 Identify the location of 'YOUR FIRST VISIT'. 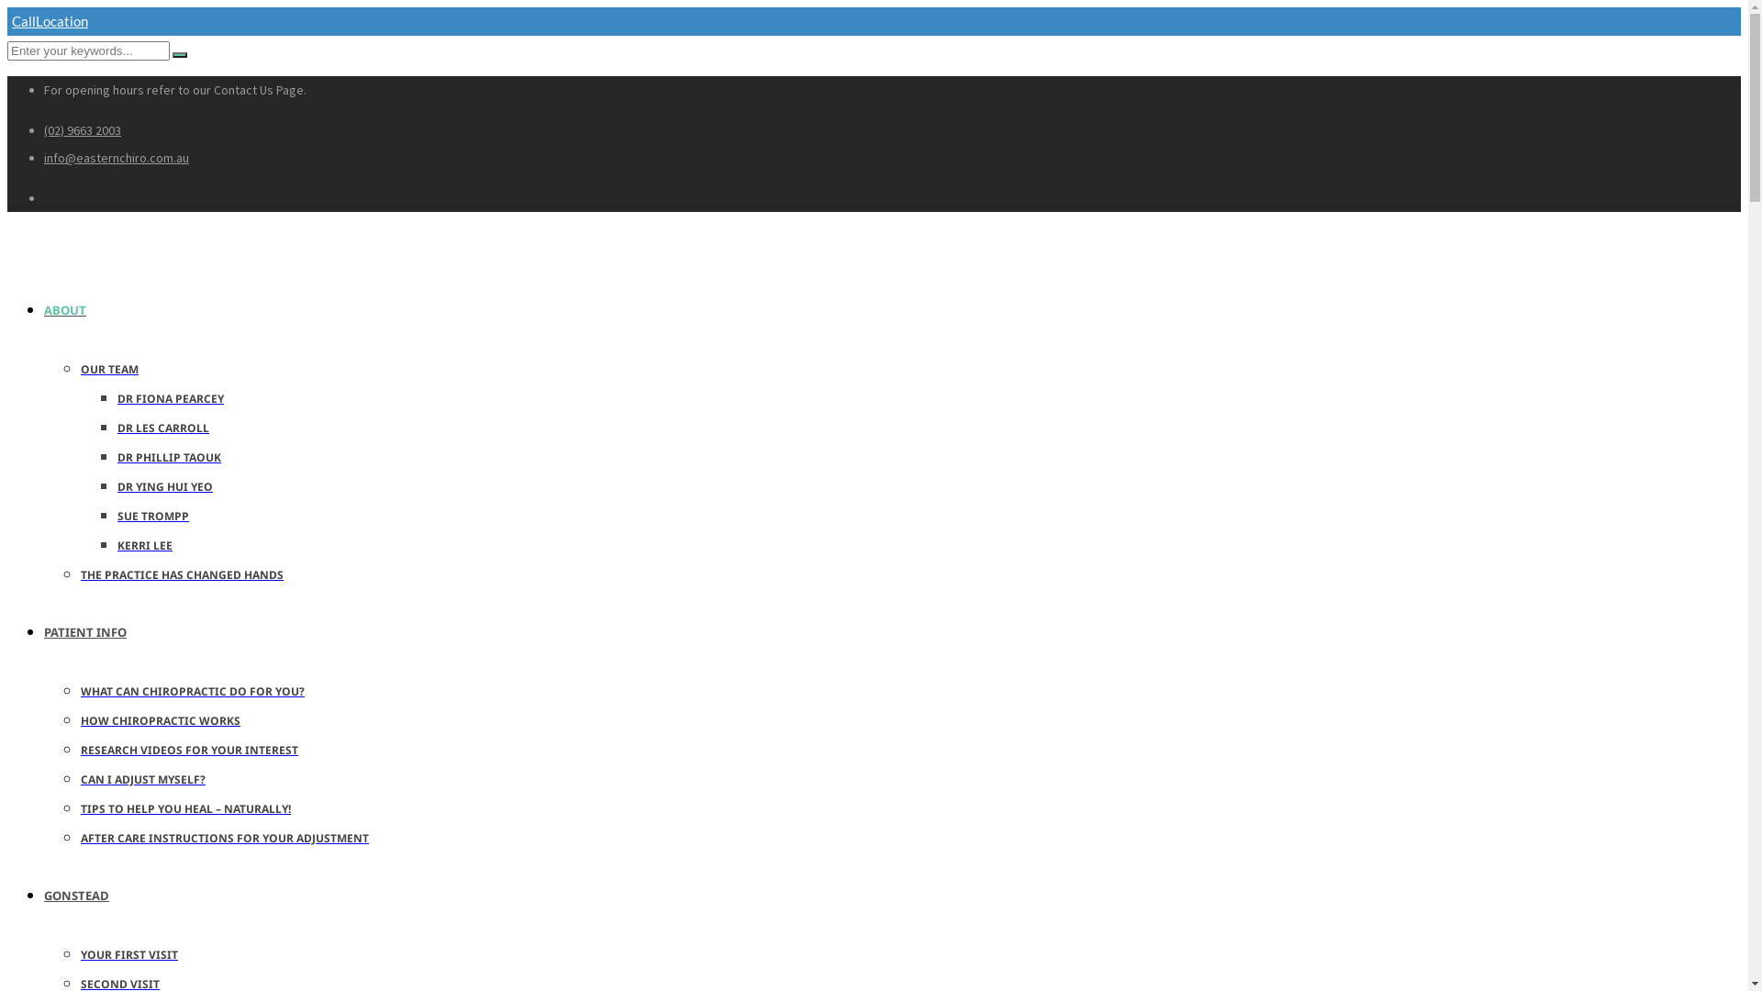
(79, 953).